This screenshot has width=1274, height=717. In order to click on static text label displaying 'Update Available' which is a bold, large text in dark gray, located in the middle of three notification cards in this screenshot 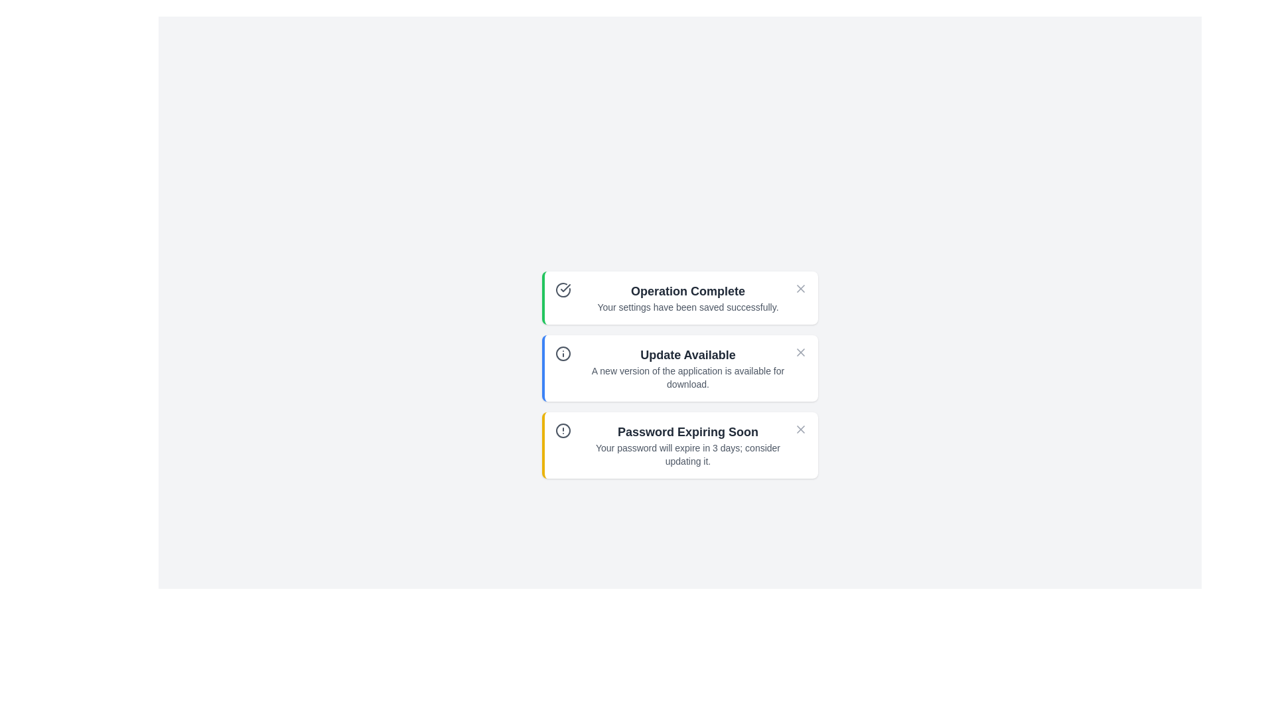, I will do `click(687, 355)`.